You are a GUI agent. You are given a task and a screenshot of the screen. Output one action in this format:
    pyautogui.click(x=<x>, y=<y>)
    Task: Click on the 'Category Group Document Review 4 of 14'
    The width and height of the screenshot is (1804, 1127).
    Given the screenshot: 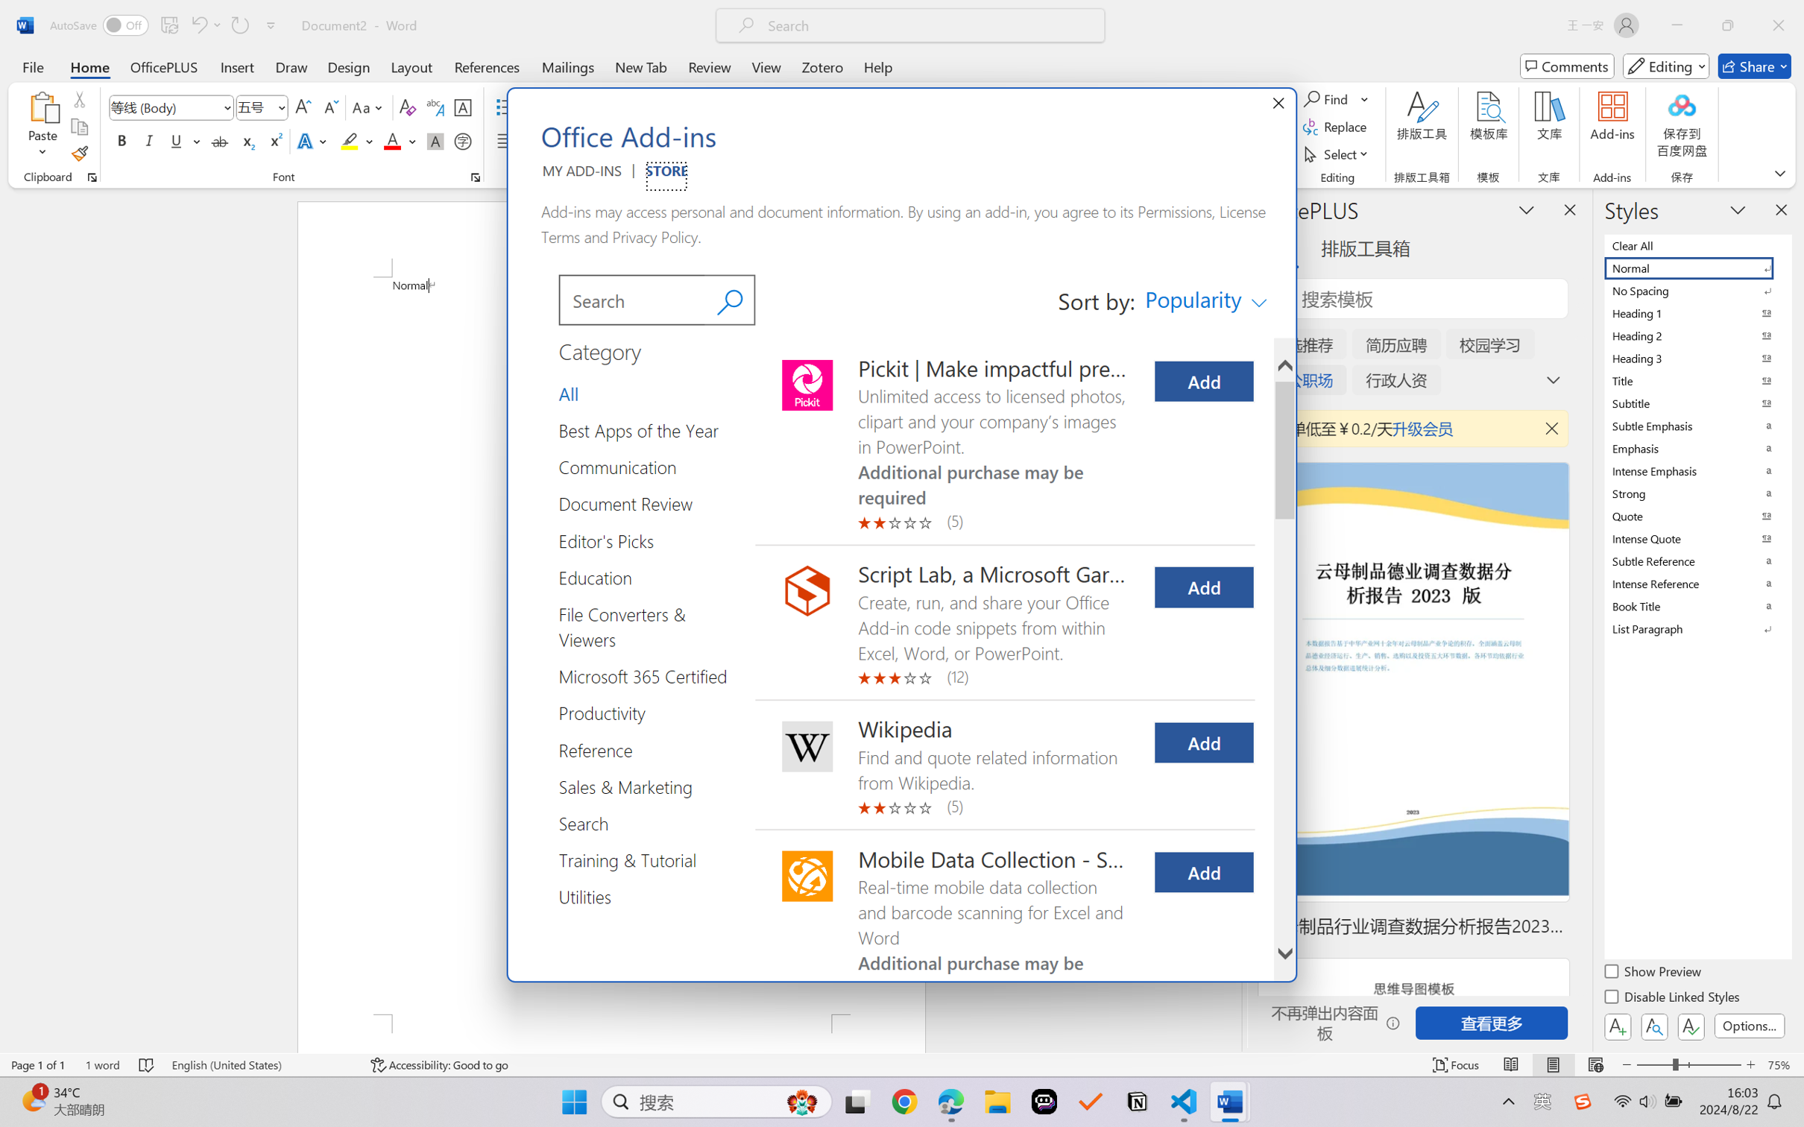 What is the action you would take?
    pyautogui.click(x=631, y=503)
    